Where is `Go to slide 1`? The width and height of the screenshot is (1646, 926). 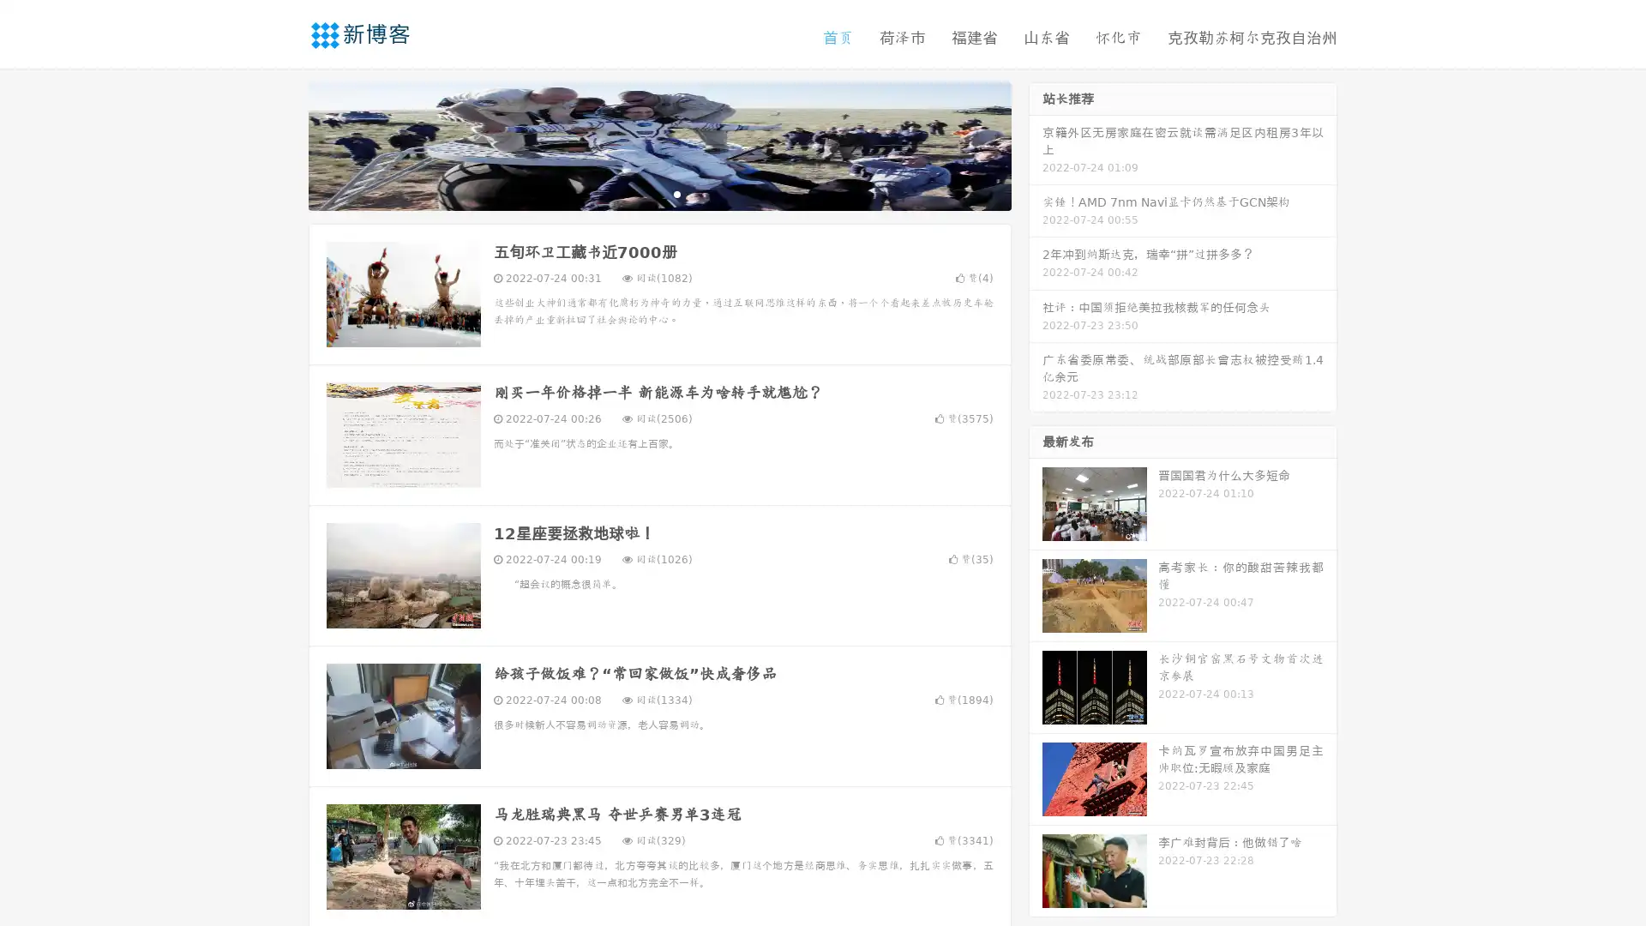 Go to slide 1 is located at coordinates (641, 193).